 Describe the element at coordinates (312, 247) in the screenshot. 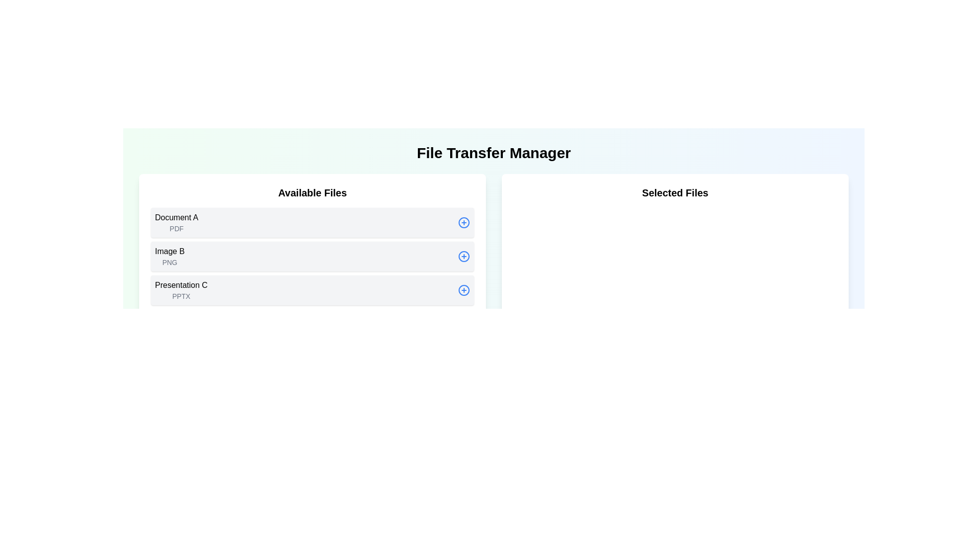

I see `the List Box containing available files, which has a white background and rounded corners` at that location.